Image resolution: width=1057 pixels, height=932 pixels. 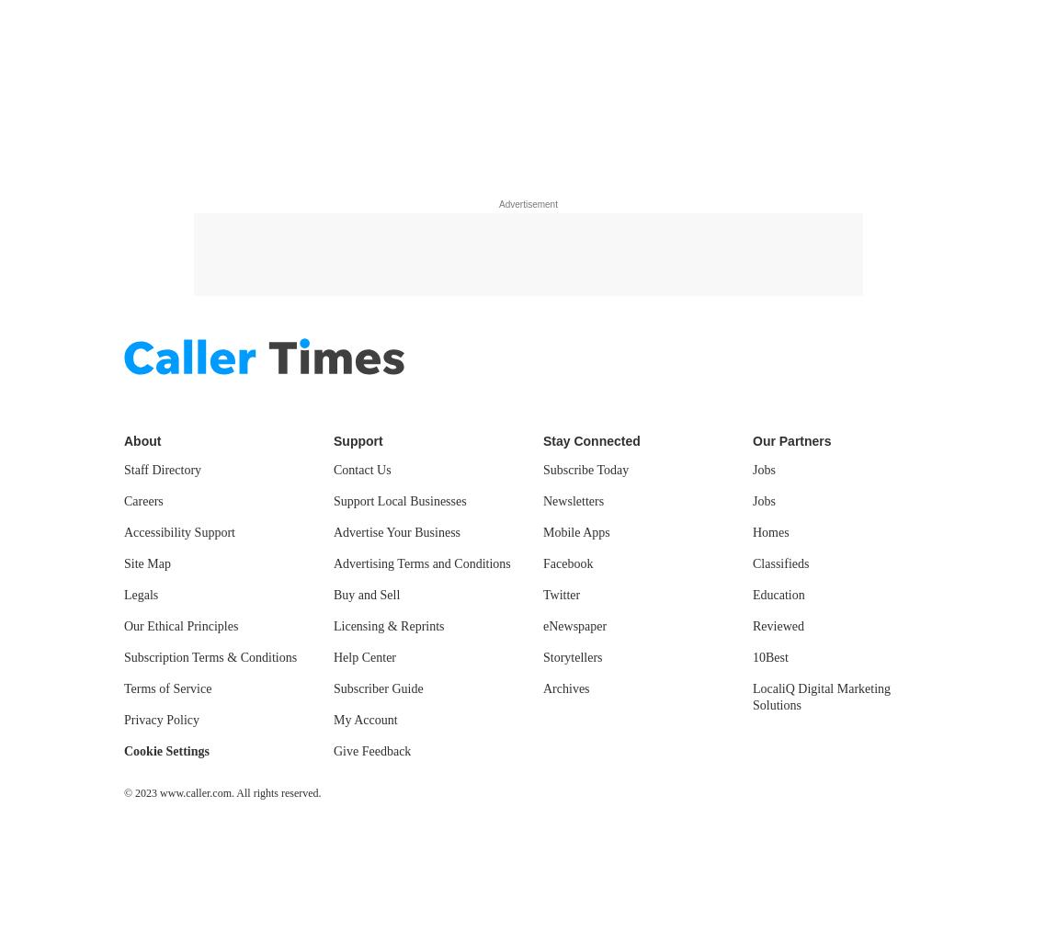 What do you see at coordinates (367, 595) in the screenshot?
I see `'Buy and Sell'` at bounding box center [367, 595].